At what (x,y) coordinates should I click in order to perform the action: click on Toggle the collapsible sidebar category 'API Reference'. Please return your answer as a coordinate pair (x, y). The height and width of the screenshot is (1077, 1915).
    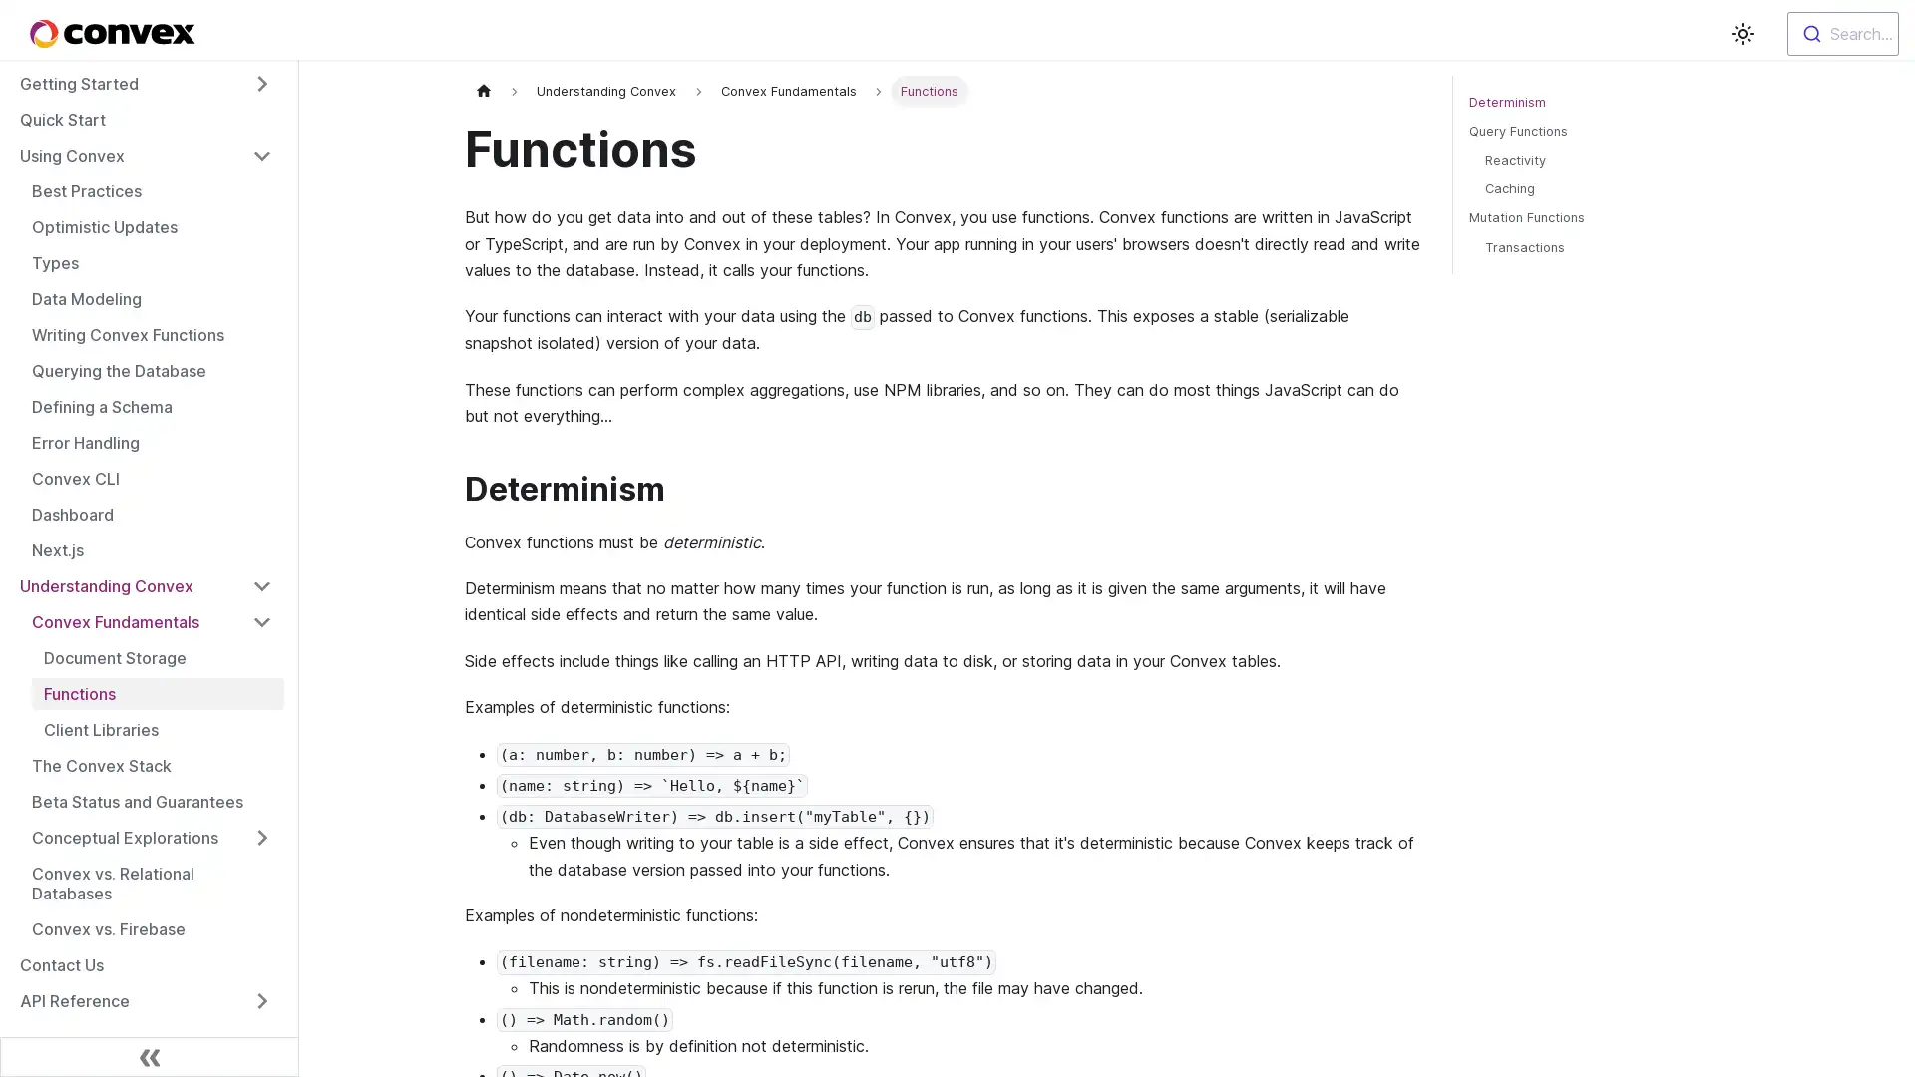
    Looking at the image, I should click on (261, 1000).